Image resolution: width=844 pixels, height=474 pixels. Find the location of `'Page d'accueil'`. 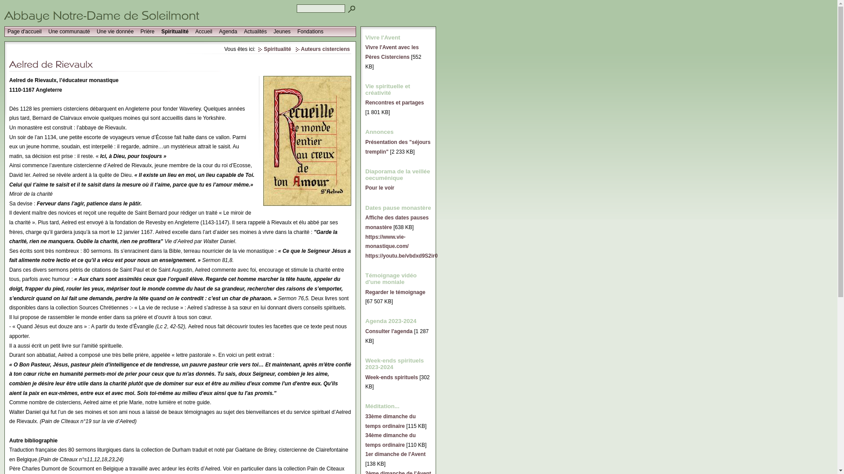

'Page d'accueil' is located at coordinates (4, 31).